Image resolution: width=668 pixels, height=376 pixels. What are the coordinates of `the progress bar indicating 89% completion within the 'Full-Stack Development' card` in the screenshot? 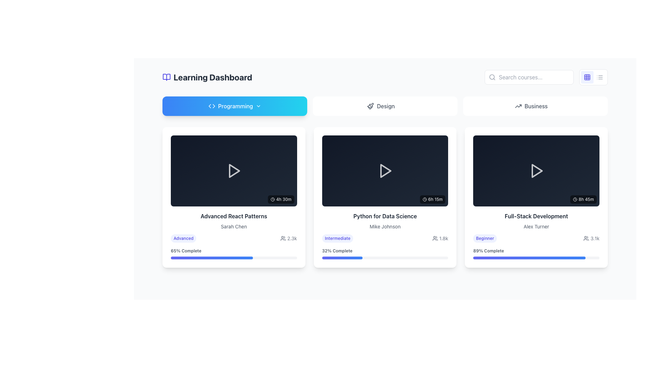 It's located at (536, 253).